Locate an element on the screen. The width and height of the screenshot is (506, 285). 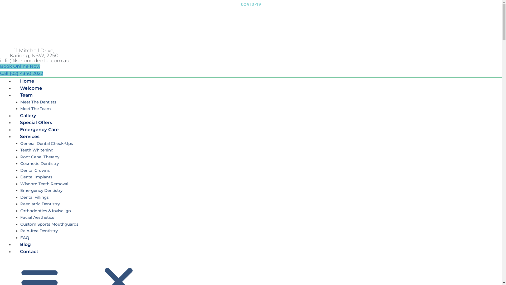
'Book Online Now' is located at coordinates (20, 66).